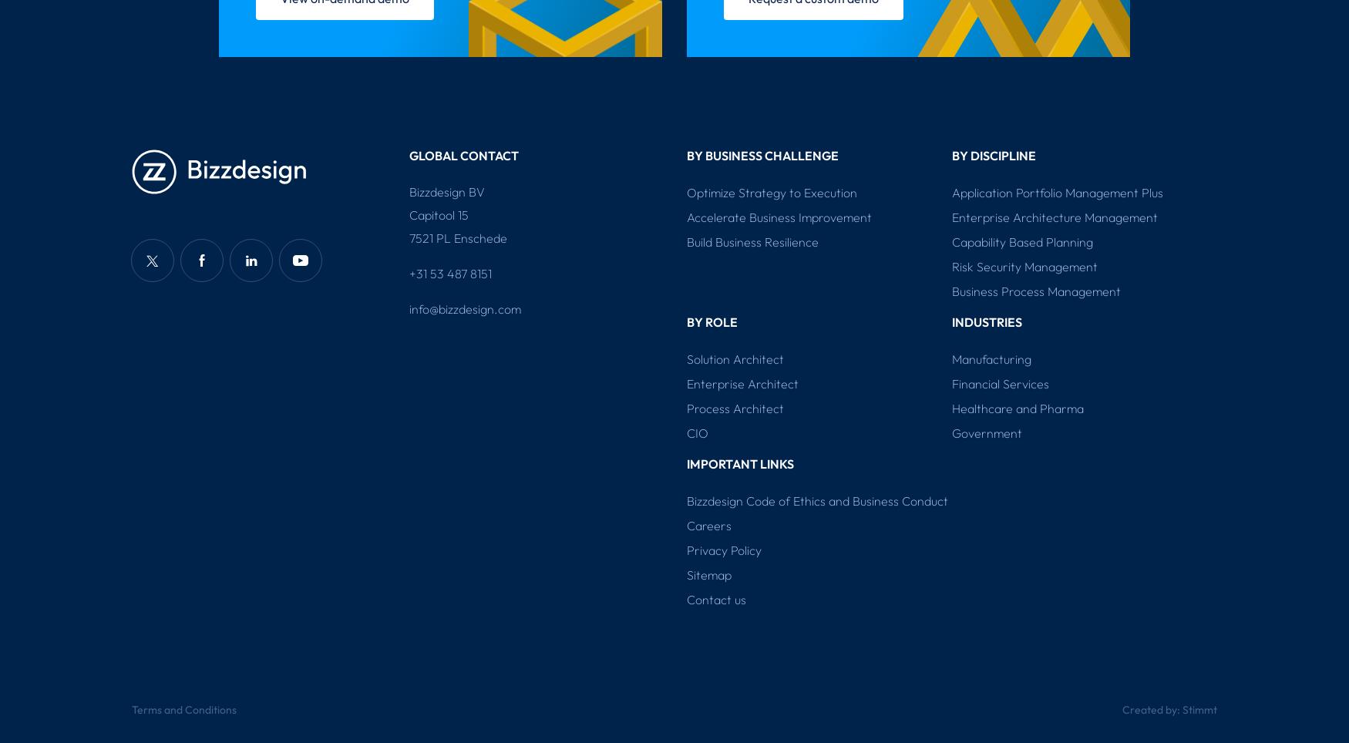  Describe the element at coordinates (712, 321) in the screenshot. I see `'By role'` at that location.